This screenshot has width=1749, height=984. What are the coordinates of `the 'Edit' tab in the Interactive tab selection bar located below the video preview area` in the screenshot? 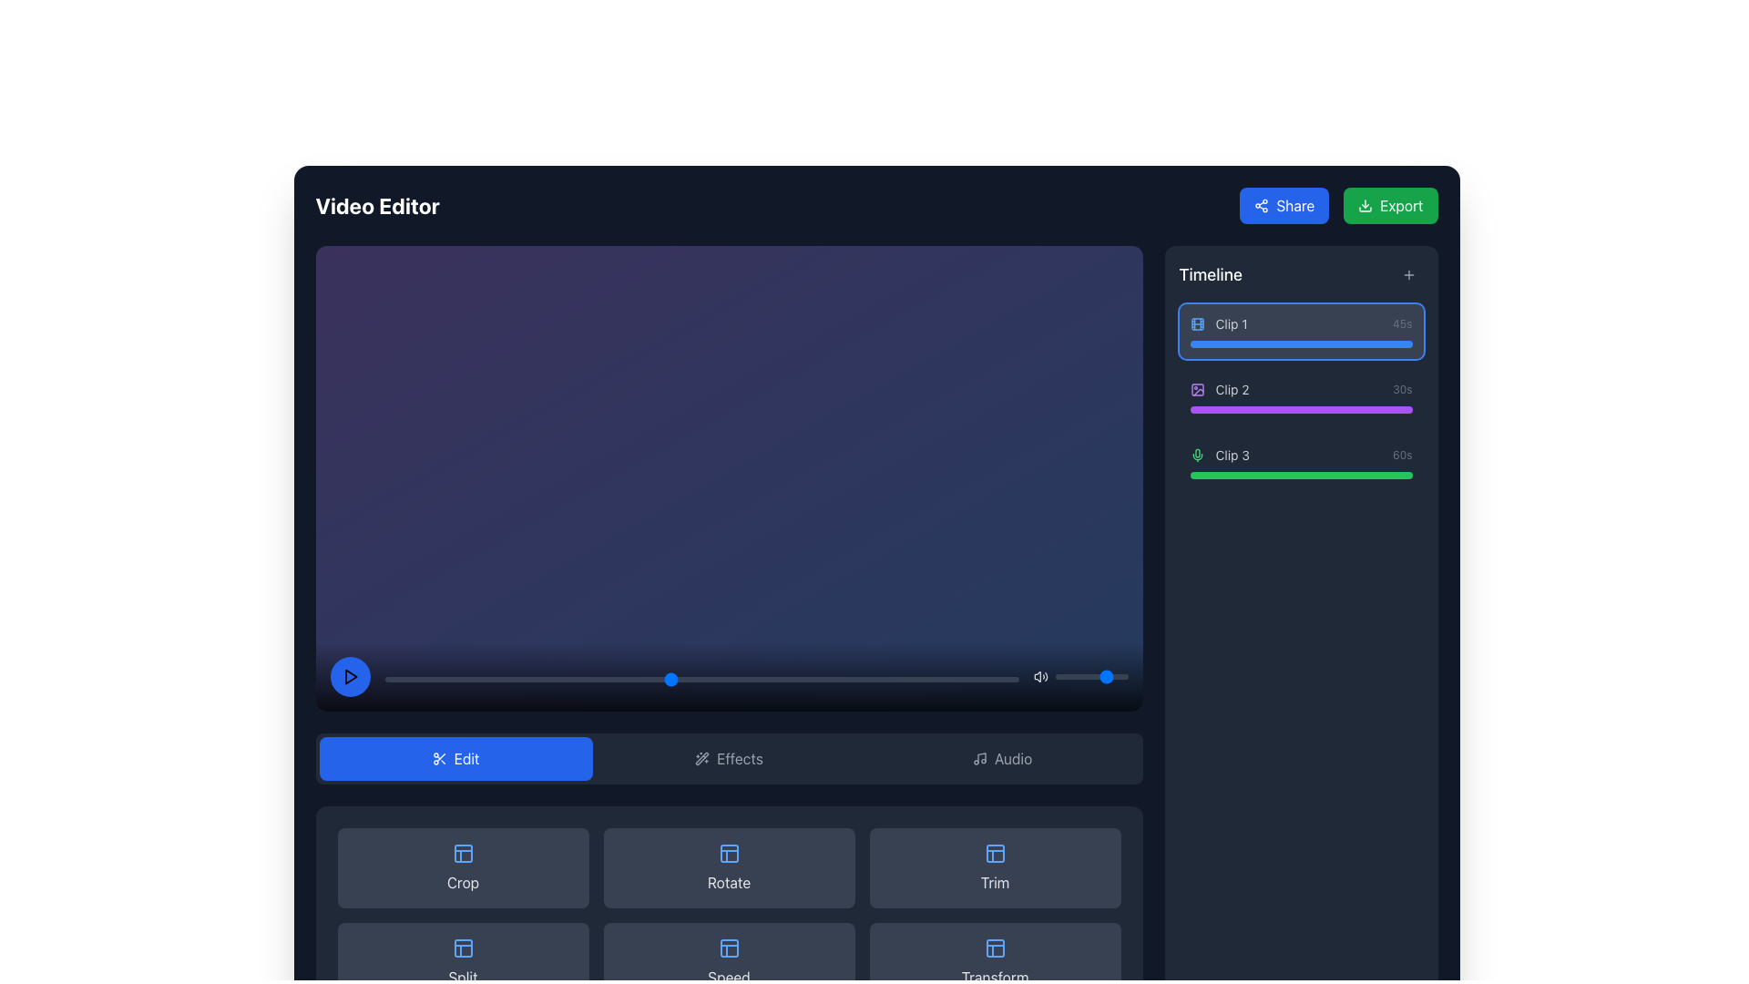 It's located at (729, 758).